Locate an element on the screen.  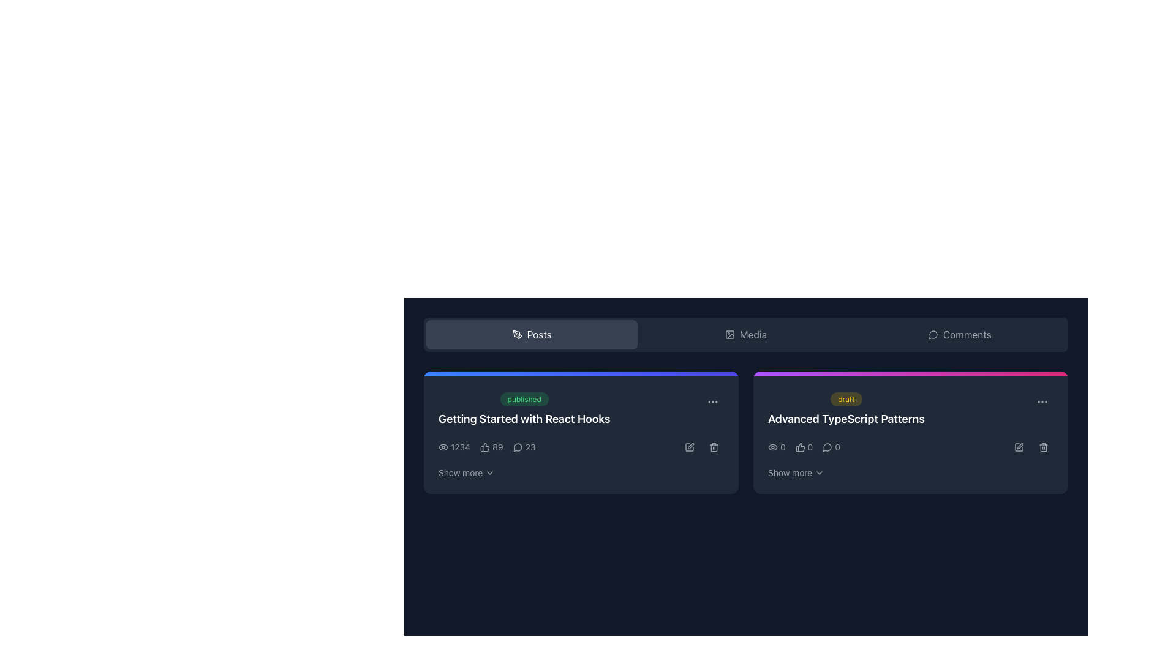
the small square-shaped icon resembling a pen located in the lower-right corner of the card for 'Advanced TypeScript Patterns' to initiate an edit action is located at coordinates (1019, 447).